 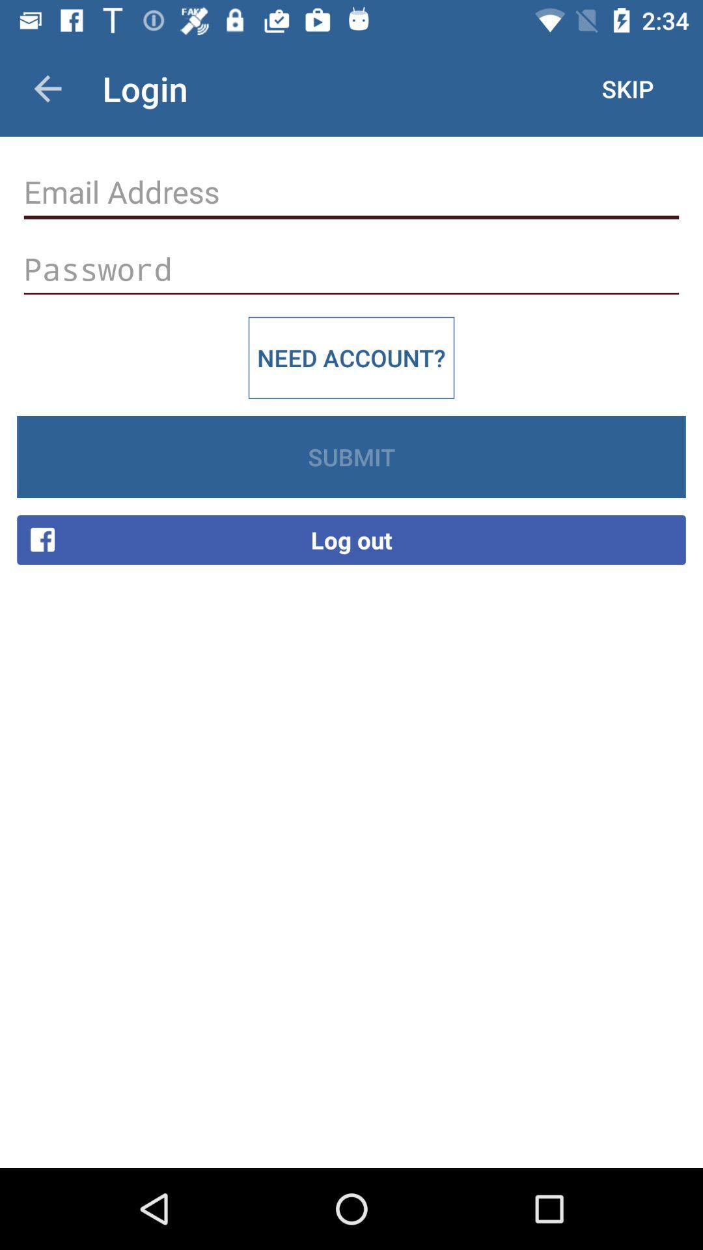 What do you see at coordinates (47, 88) in the screenshot?
I see `item next to the login icon` at bounding box center [47, 88].